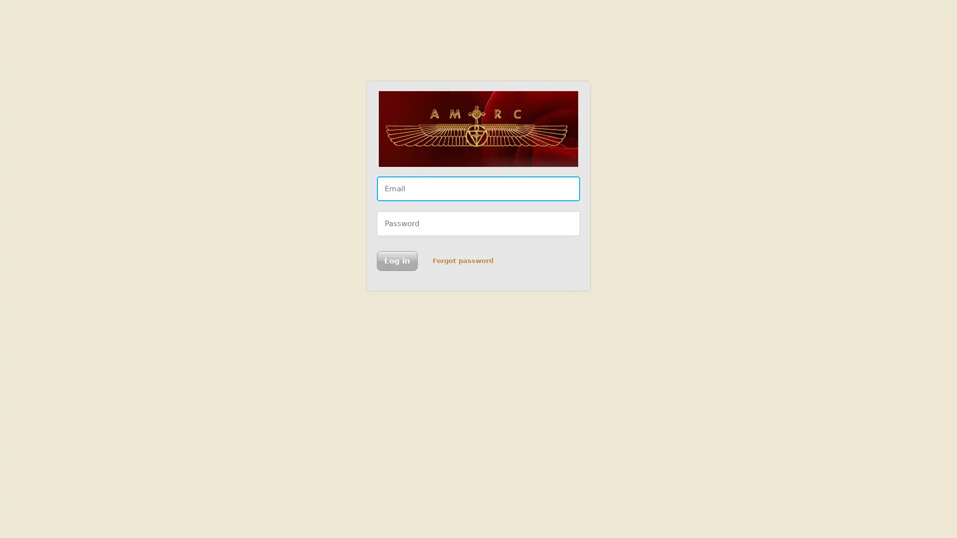  I want to click on Log in, so click(396, 261).